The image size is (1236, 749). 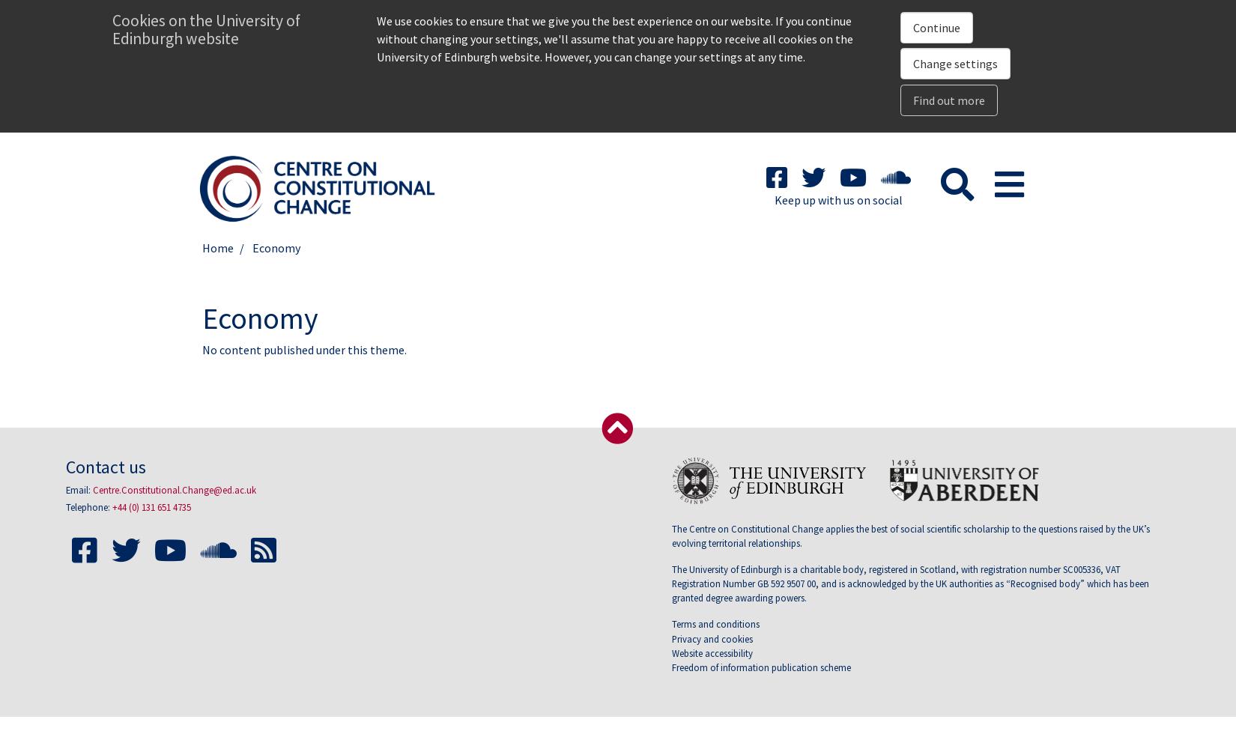 What do you see at coordinates (218, 247) in the screenshot?
I see `'Home'` at bounding box center [218, 247].